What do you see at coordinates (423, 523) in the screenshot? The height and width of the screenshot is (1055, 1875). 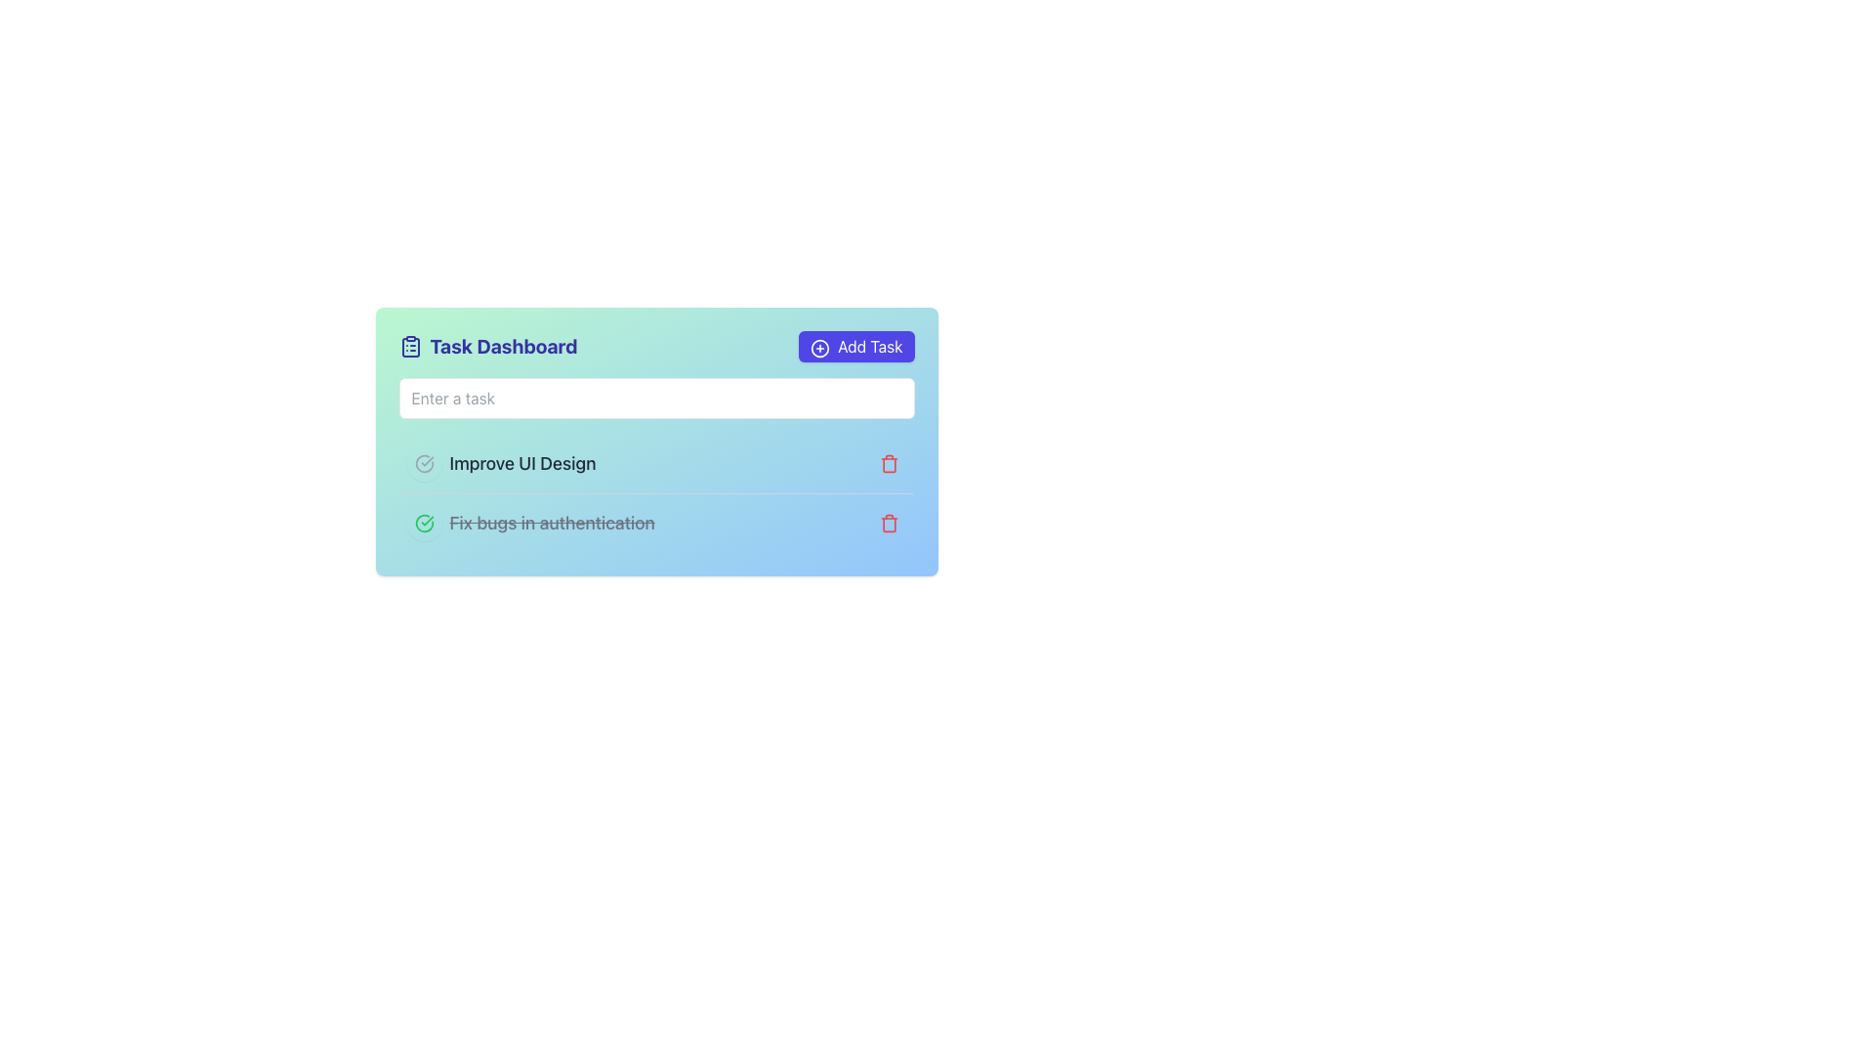 I see `the interactive status indicator icon located to the left of the text 'Fix bugs in authentication'` at bounding box center [423, 523].